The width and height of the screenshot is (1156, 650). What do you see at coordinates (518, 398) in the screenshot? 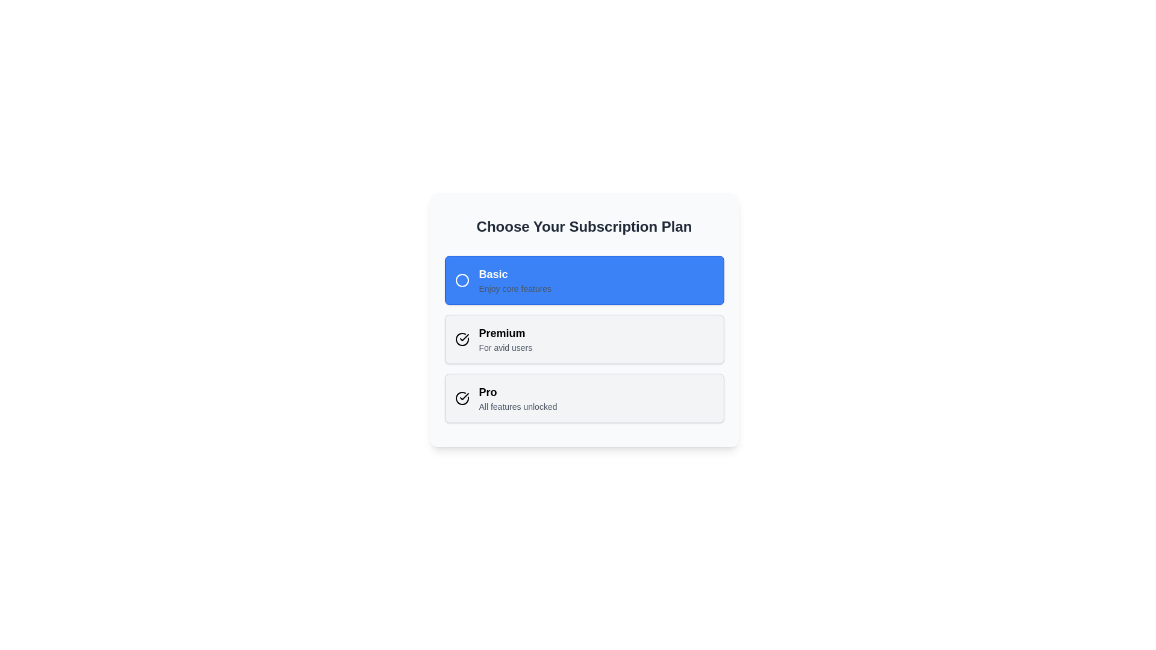
I see `the text block that describes the 'Pro' subscription plan, which is located between the 'Premium' option and a blank space in a vertically stacked list of subscription plans` at bounding box center [518, 398].